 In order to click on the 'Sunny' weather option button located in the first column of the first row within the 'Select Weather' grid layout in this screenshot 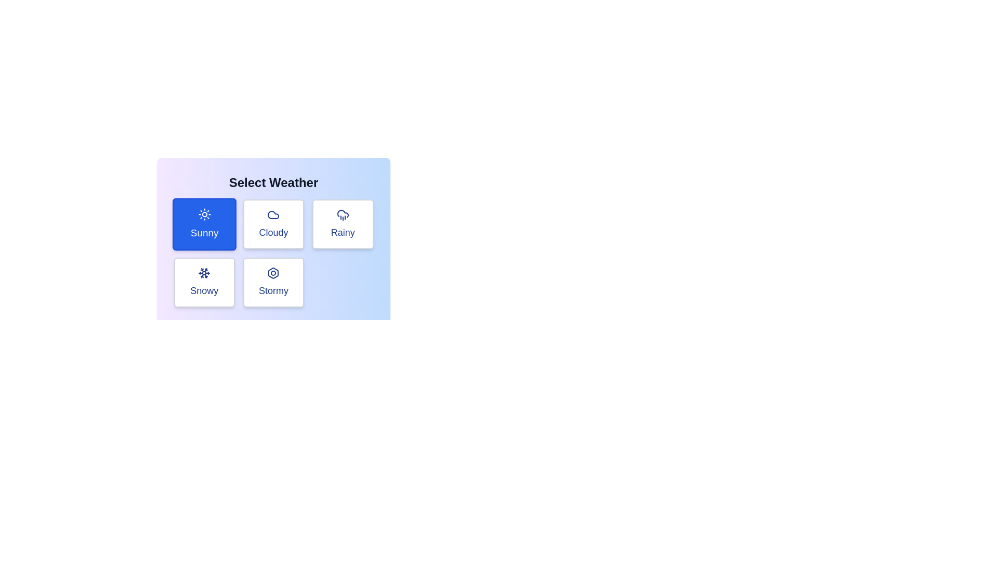, I will do `click(204, 224)`.